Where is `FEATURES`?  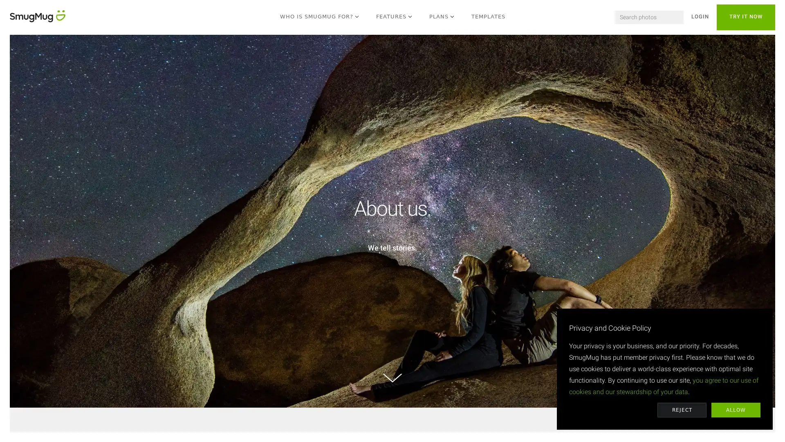
FEATURES is located at coordinates (394, 17).